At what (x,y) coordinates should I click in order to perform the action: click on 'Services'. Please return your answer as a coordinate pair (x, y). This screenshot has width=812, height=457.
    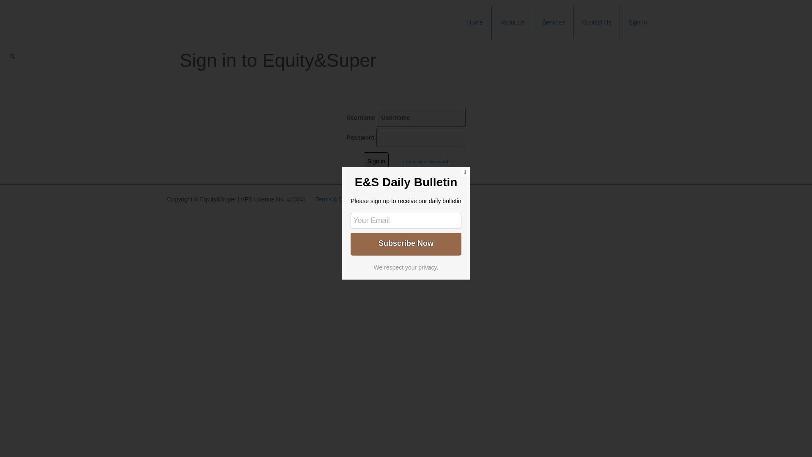
    Looking at the image, I should click on (553, 22).